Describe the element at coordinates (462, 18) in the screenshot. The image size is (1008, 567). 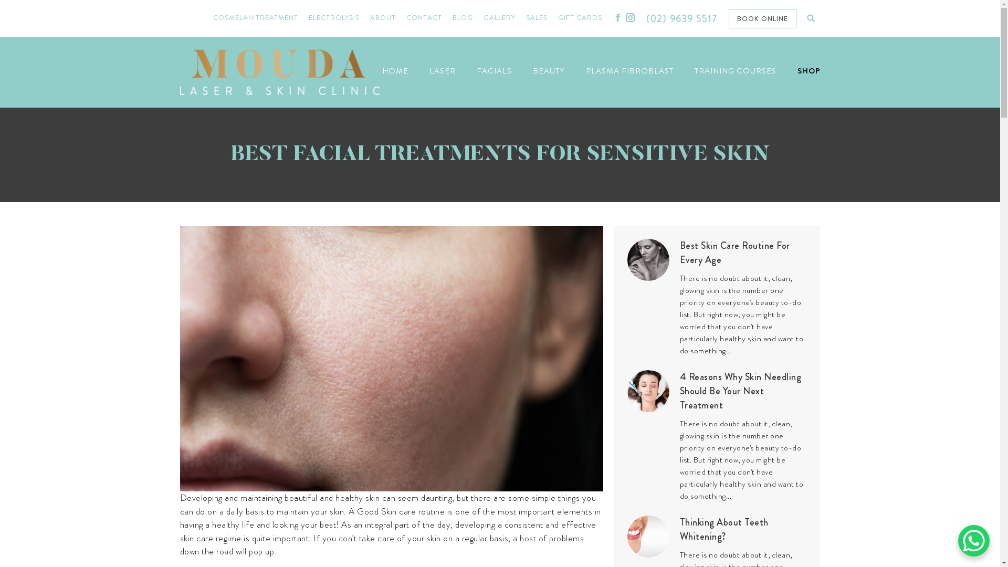
I see `'BLOG'` at that location.